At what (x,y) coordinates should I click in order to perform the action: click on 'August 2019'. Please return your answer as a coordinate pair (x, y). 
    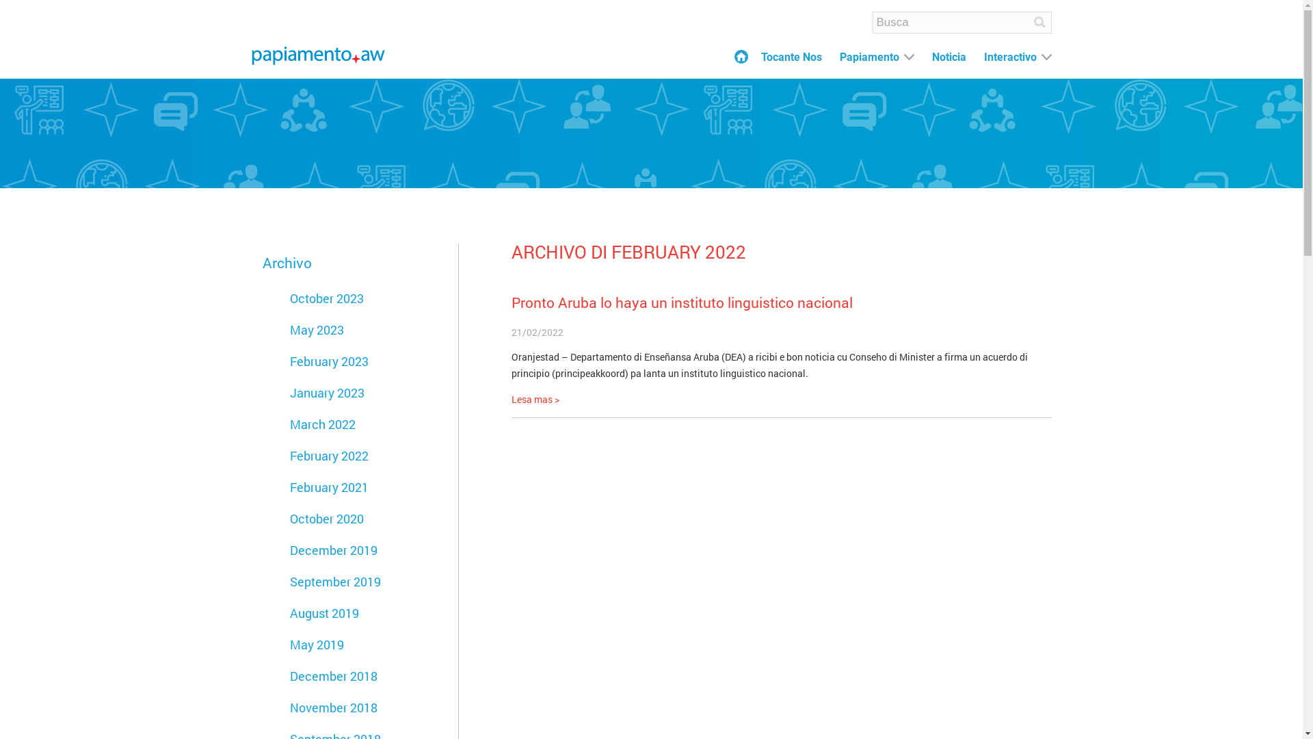
    Looking at the image, I should click on (289, 612).